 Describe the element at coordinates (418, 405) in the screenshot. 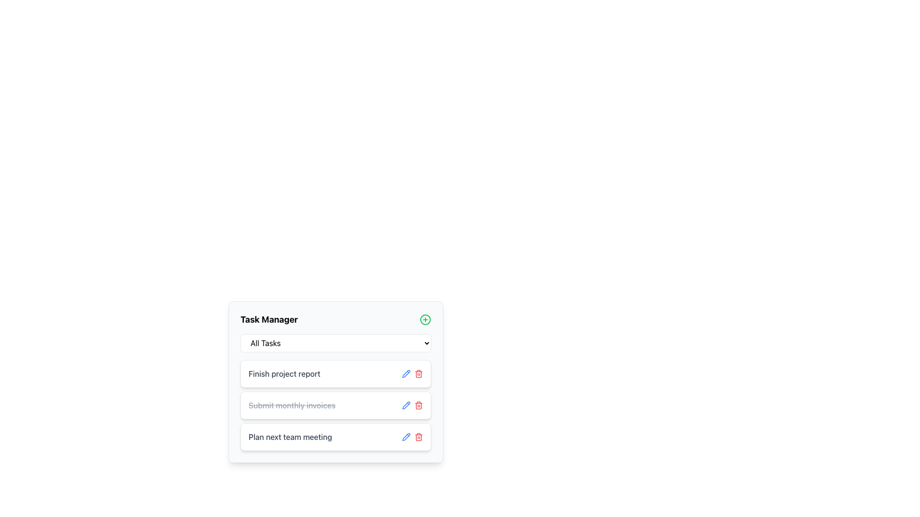

I see `the delete button styled as a link with an icon located at the bottom-right of the third task item` at that location.